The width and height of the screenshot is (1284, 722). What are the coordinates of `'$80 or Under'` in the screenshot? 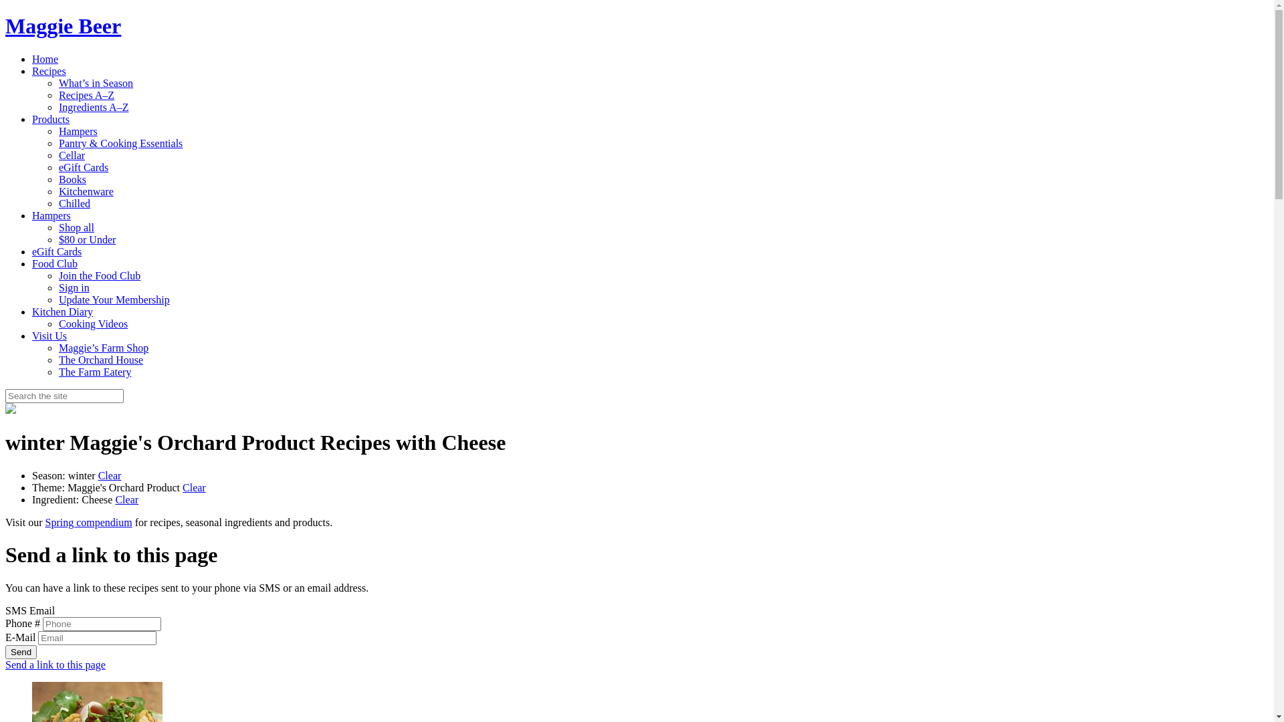 It's located at (86, 239).